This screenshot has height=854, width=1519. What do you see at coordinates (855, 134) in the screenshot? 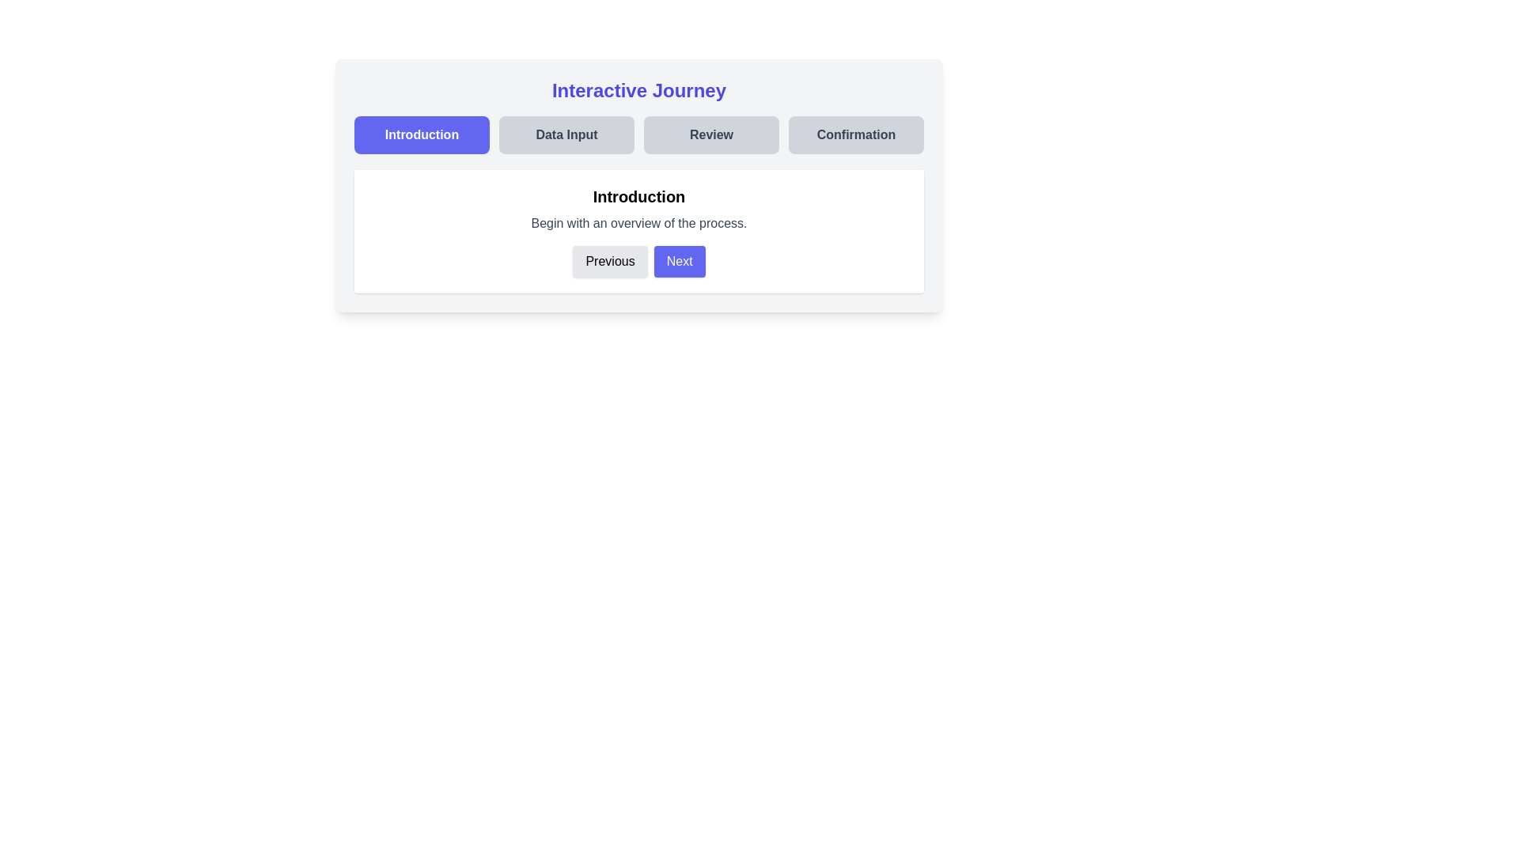
I see `the header navigation step labeled 'Confirmation' to navigate to that step` at bounding box center [855, 134].